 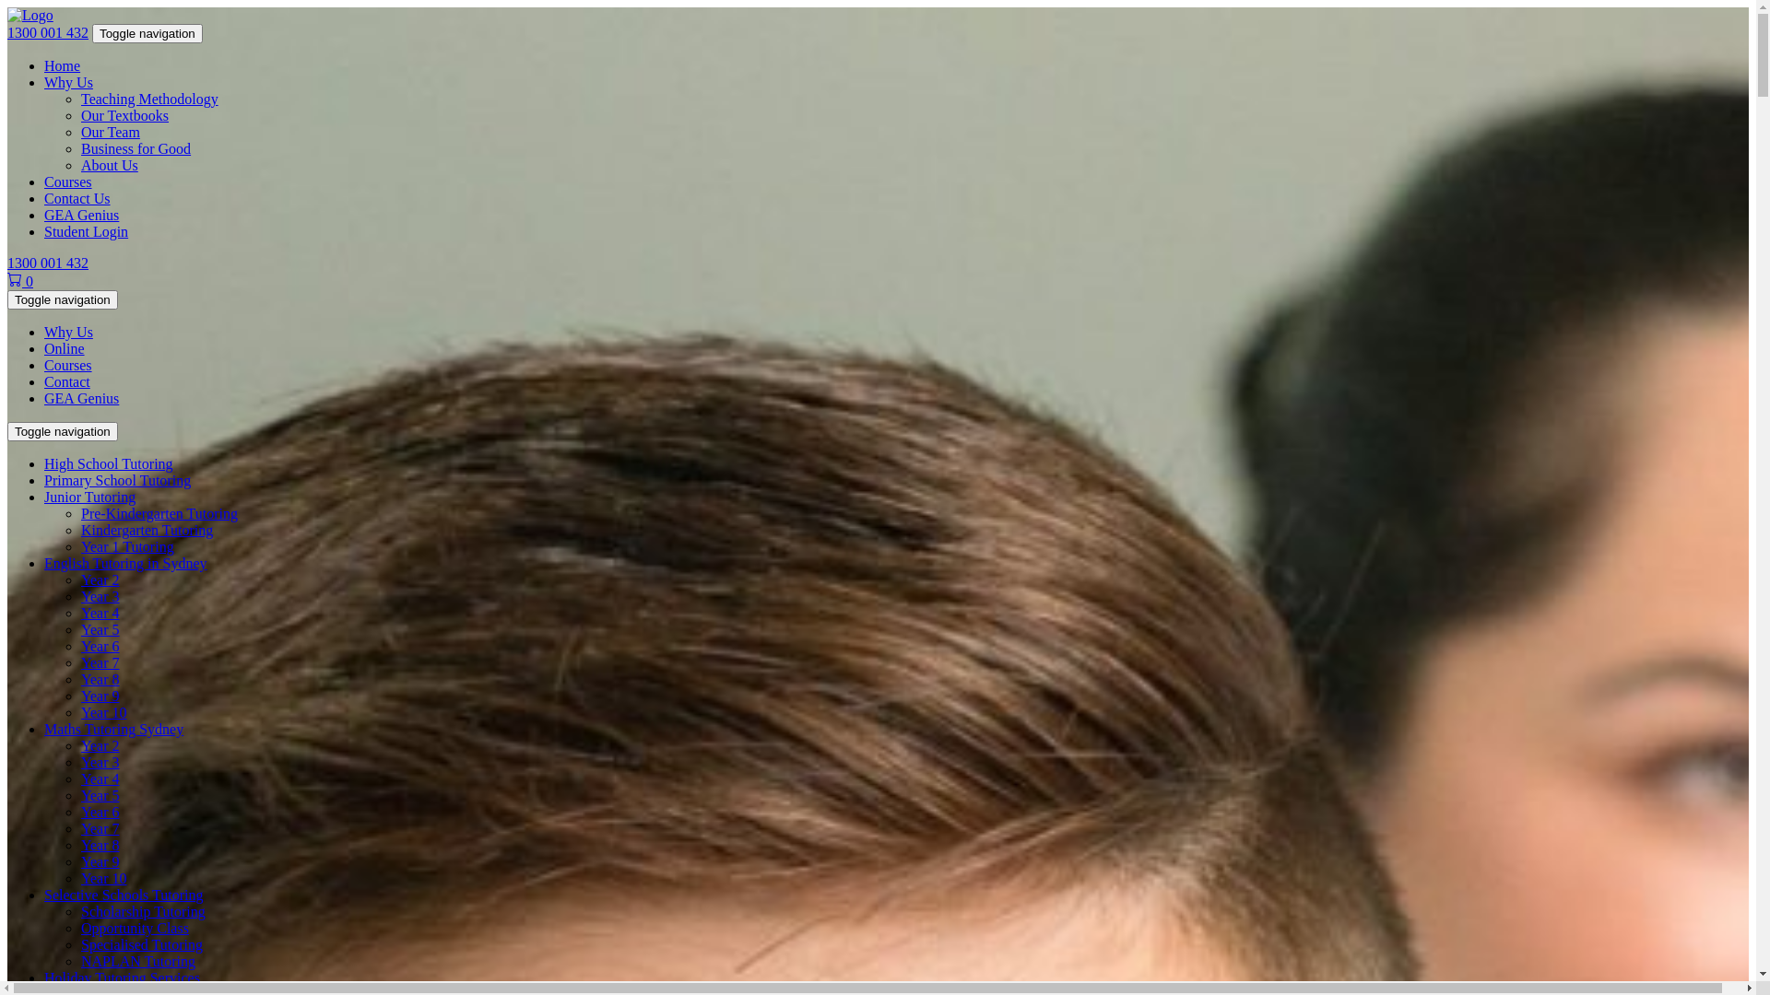 What do you see at coordinates (44, 496) in the screenshot?
I see `'Junior Tutoring'` at bounding box center [44, 496].